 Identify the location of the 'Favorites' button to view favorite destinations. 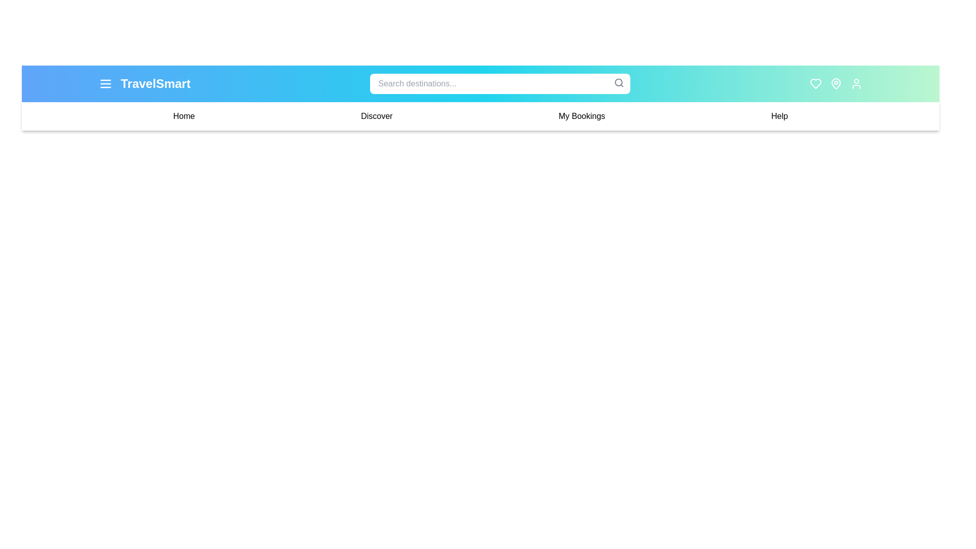
(816, 83).